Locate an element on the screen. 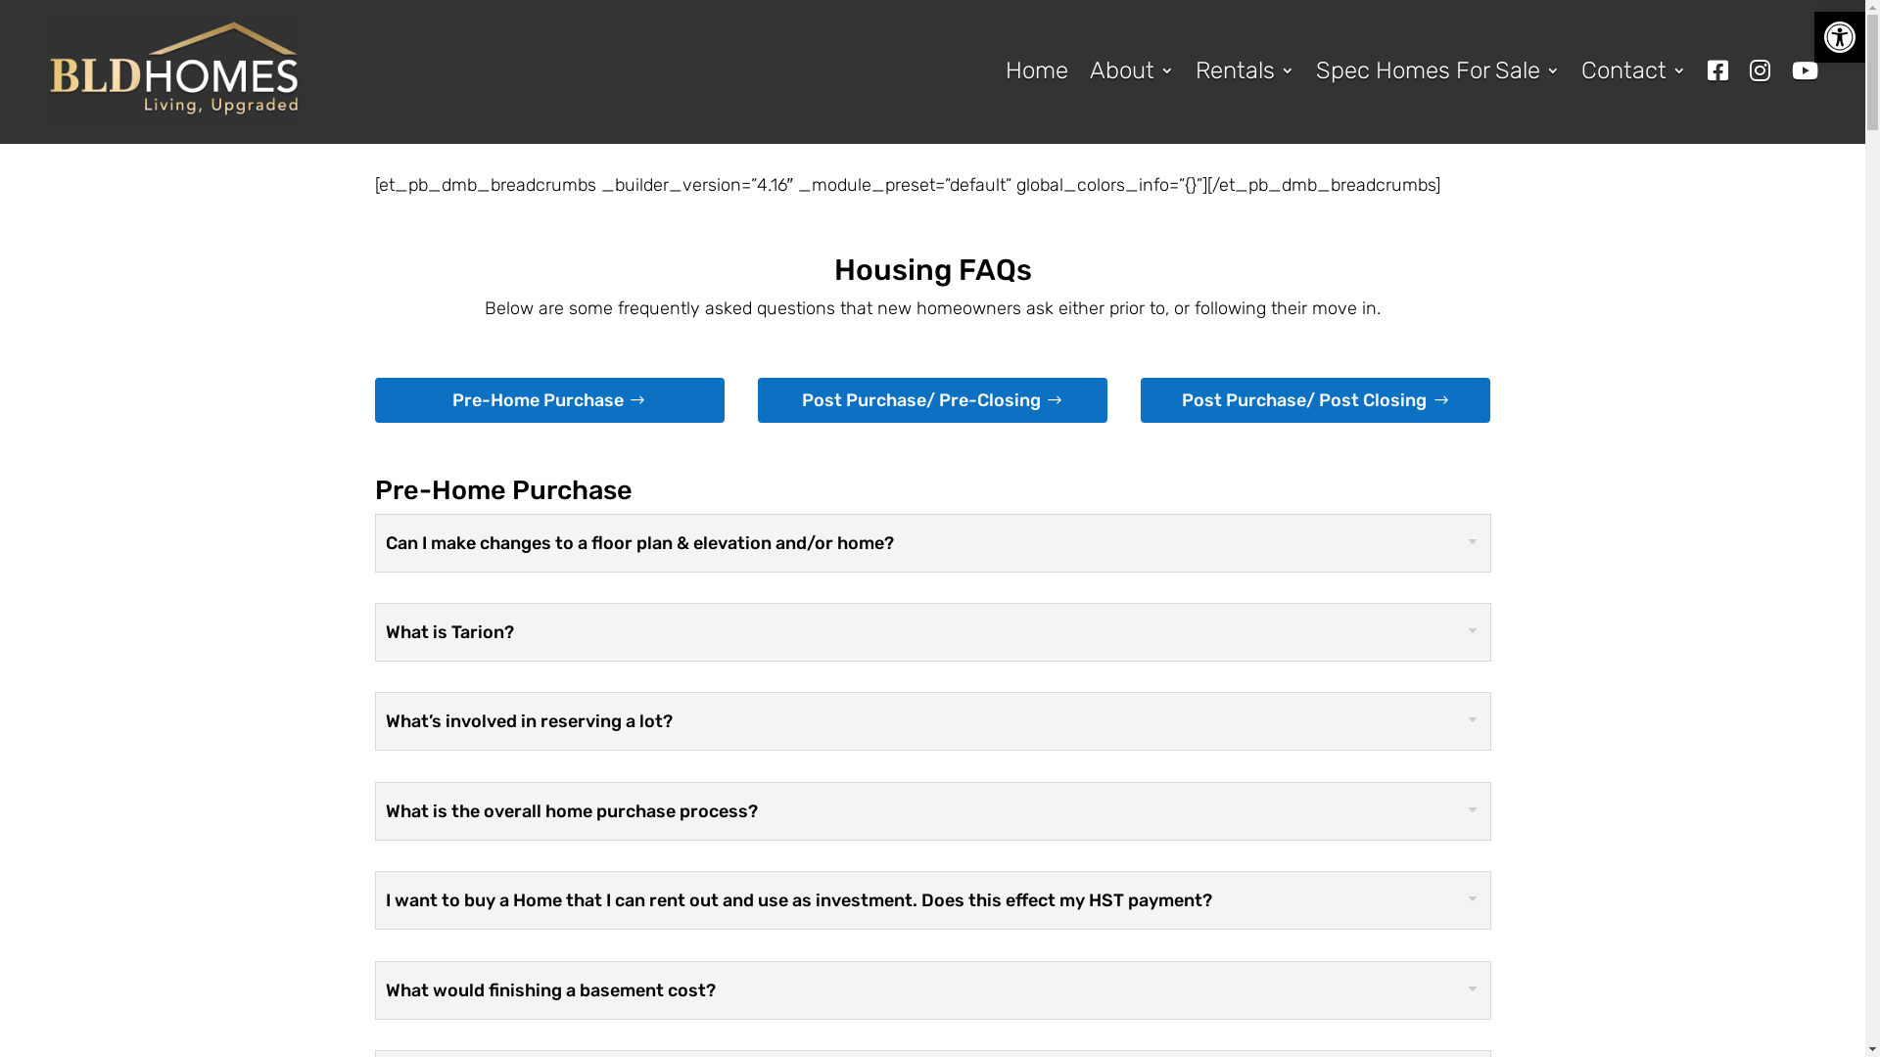  'Instagram' is located at coordinates (1760, 69).